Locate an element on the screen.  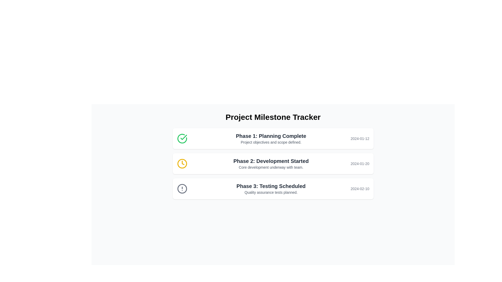
the completion status icon of the first milestone, which is located on the left side of the text content within the milestone list is located at coordinates (184, 137).